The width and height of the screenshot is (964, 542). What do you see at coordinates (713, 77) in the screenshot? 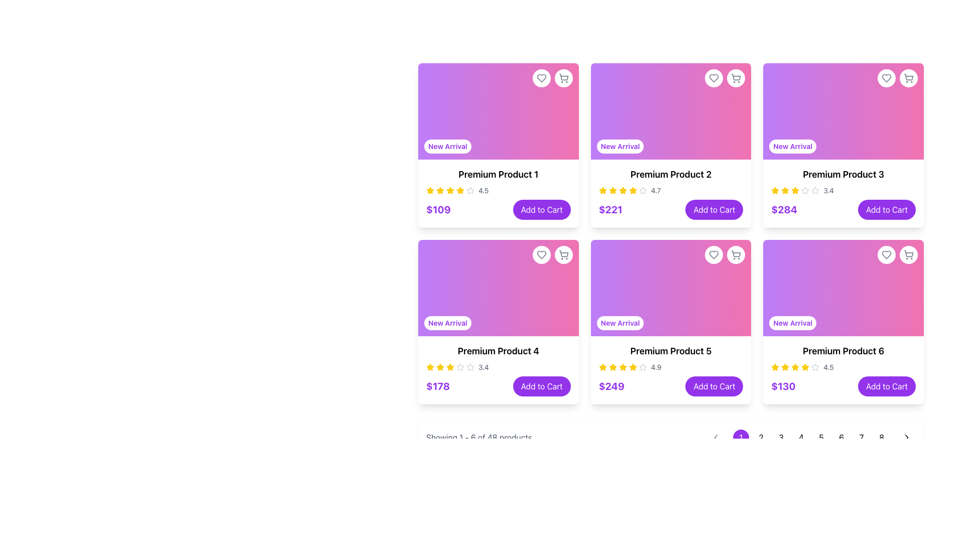
I see `the heart icon button located in the top-right corner of the 'Premium Product 2' card` at bounding box center [713, 77].